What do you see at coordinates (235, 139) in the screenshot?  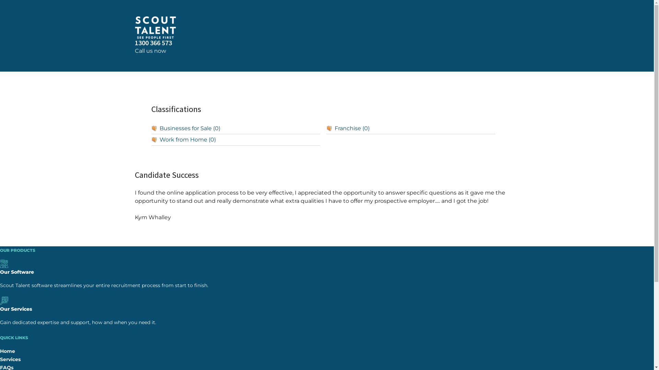 I see `'Work from Home (0)'` at bounding box center [235, 139].